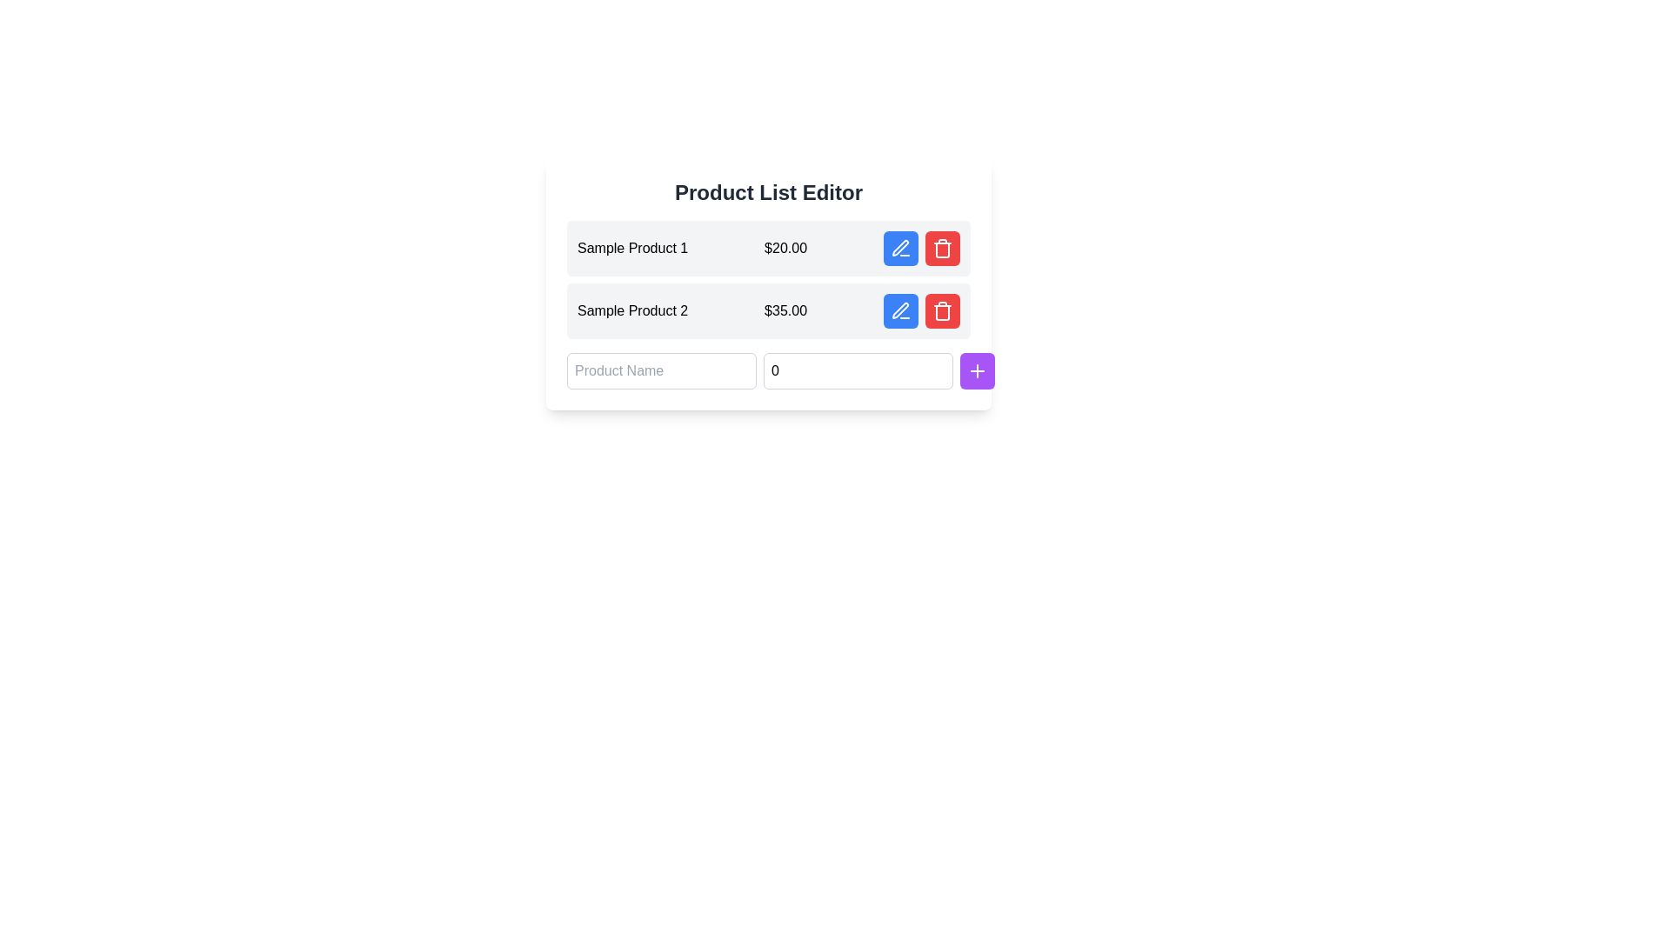 The height and width of the screenshot is (939, 1670). I want to click on the small square-shaped button with a red background and a white trash bin icon located in the second row of the product list, rightmost column, to trigger a hover effect, so click(942, 310).